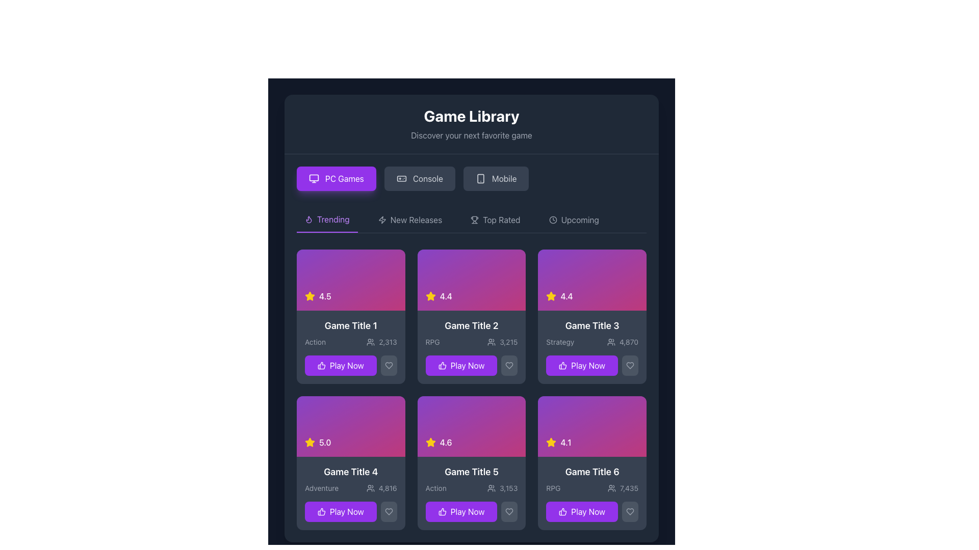  I want to click on the rating icon (star) that indicates a rating value of 4.6 for the game titled 'Game Title 5', located within a card layout with a purple gradient background, so click(430, 442).